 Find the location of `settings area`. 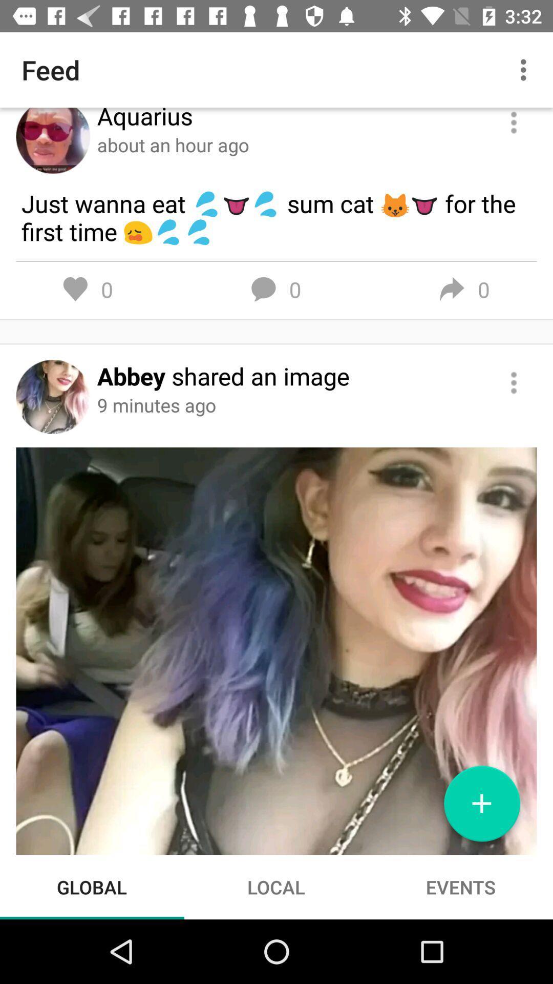

settings area is located at coordinates (514, 123).